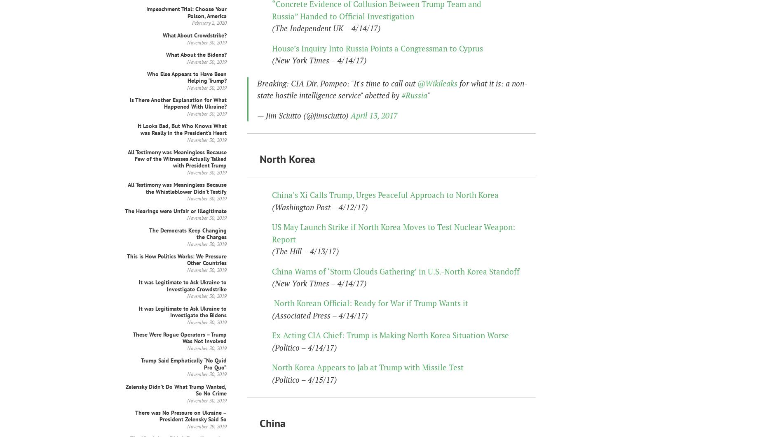 The width and height of the screenshot is (783, 437). I want to click on 'What About the Bidens?', so click(196, 54).